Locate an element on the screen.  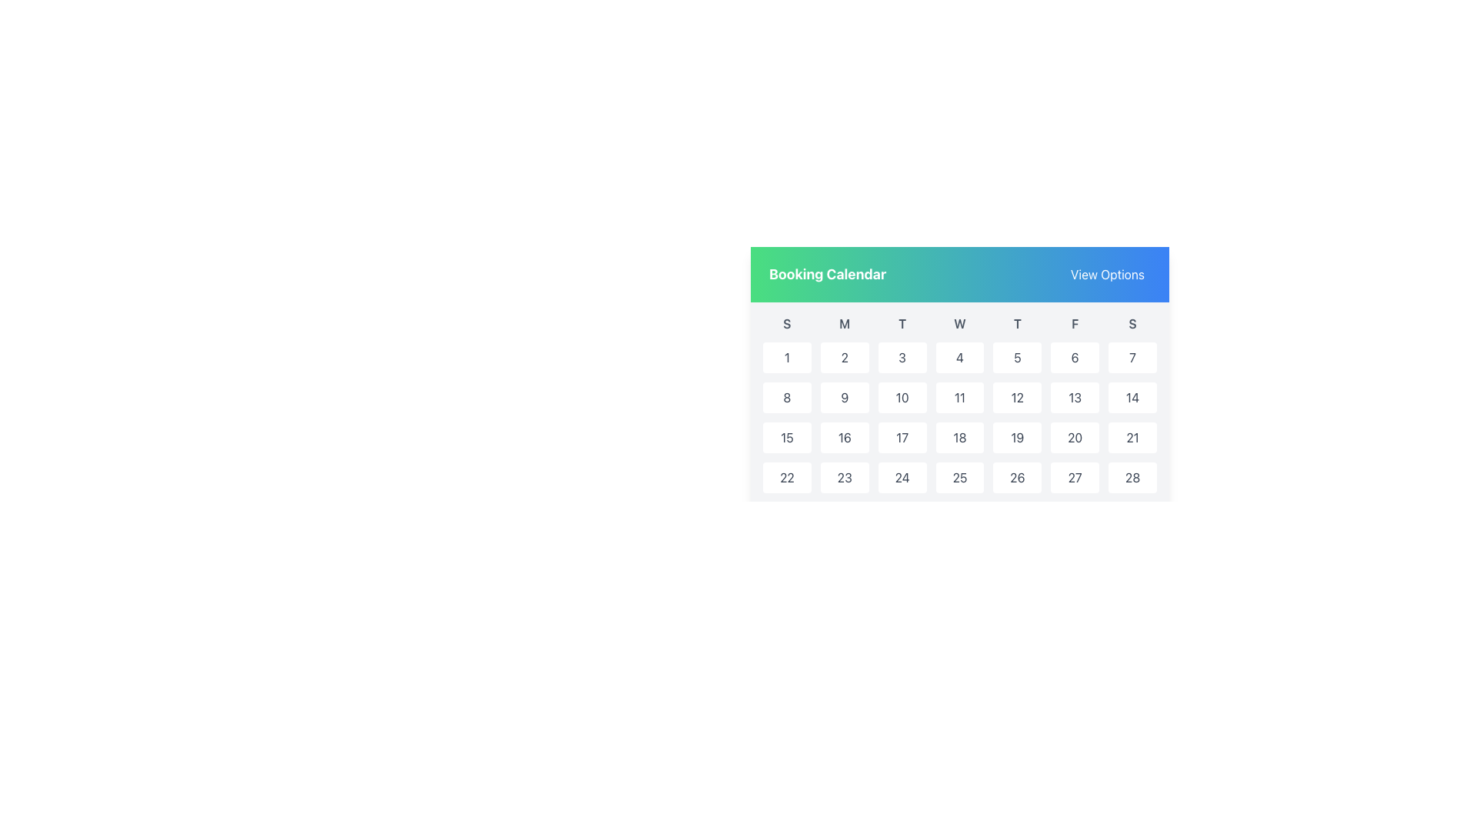
the calendar grid cell displaying the number '1', which is bold and centered in a white rounded rectangular box is located at coordinates (787, 358).